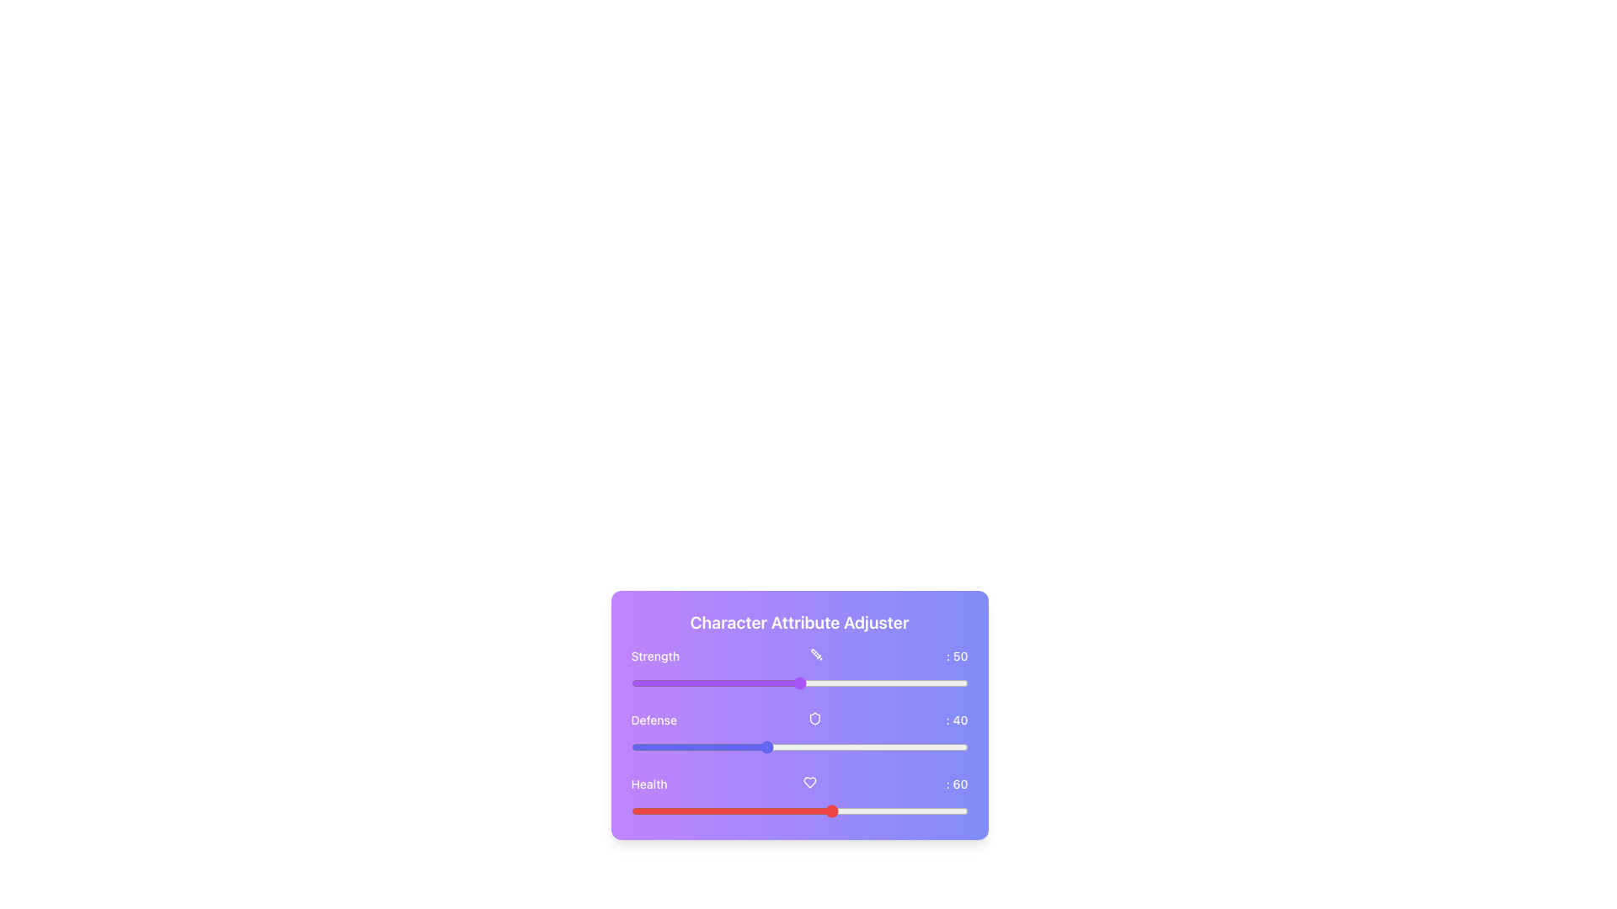 This screenshot has width=1617, height=909. I want to click on the Health icon located adjacent to the 'Health' label and its value ('60') in the 'Character Attribute Adjuster' panel, so click(810, 782).